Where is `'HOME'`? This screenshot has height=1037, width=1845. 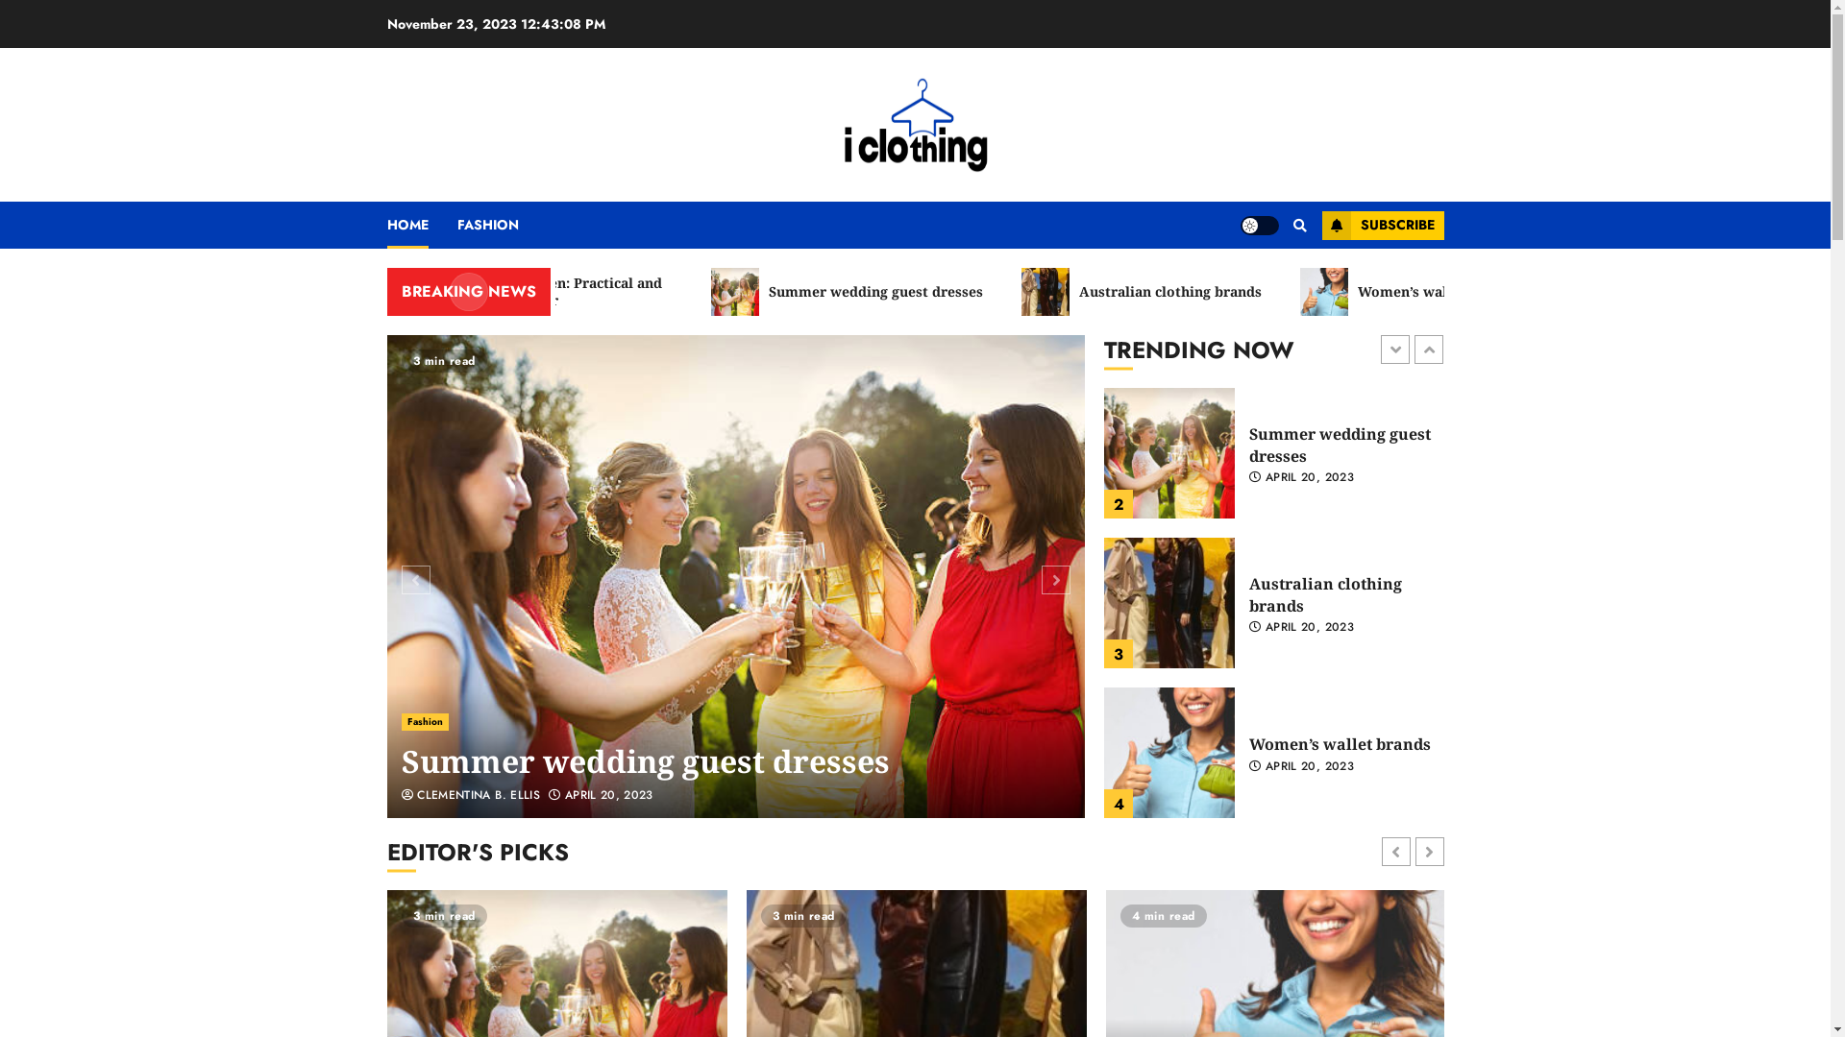 'HOME' is located at coordinates (420, 224).